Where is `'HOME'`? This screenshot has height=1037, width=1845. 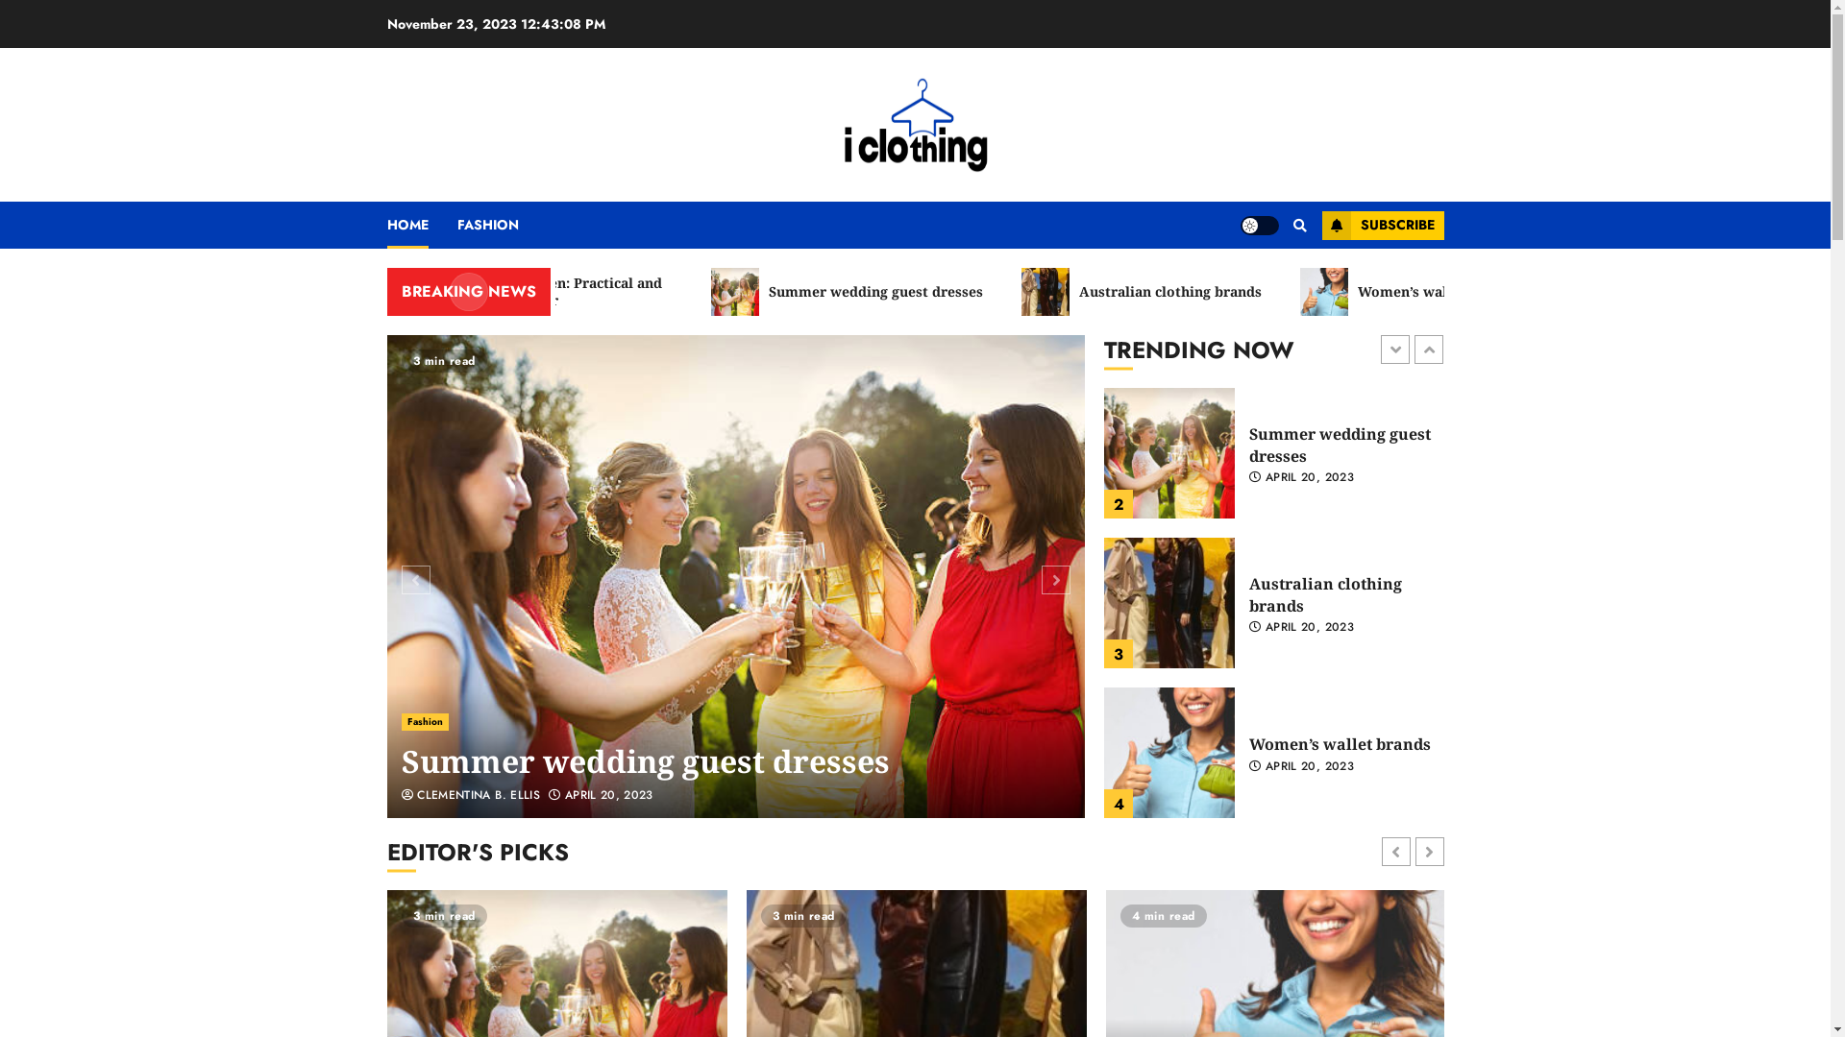 'HOME' is located at coordinates (420, 224).